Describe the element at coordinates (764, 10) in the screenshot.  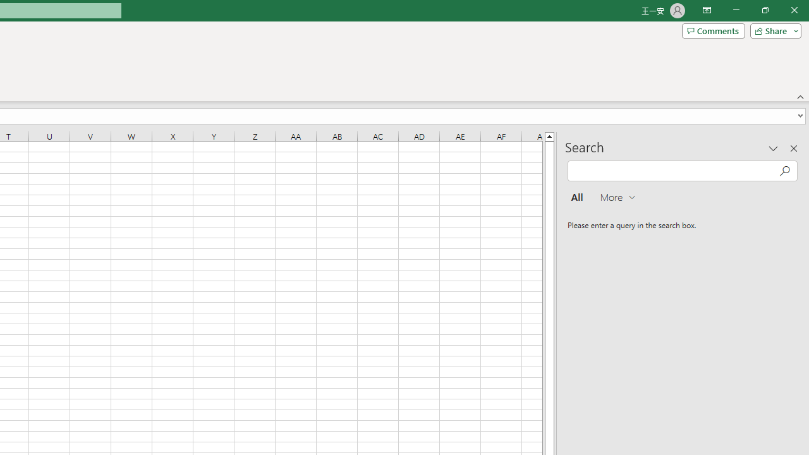
I see `'Restore Down'` at that location.